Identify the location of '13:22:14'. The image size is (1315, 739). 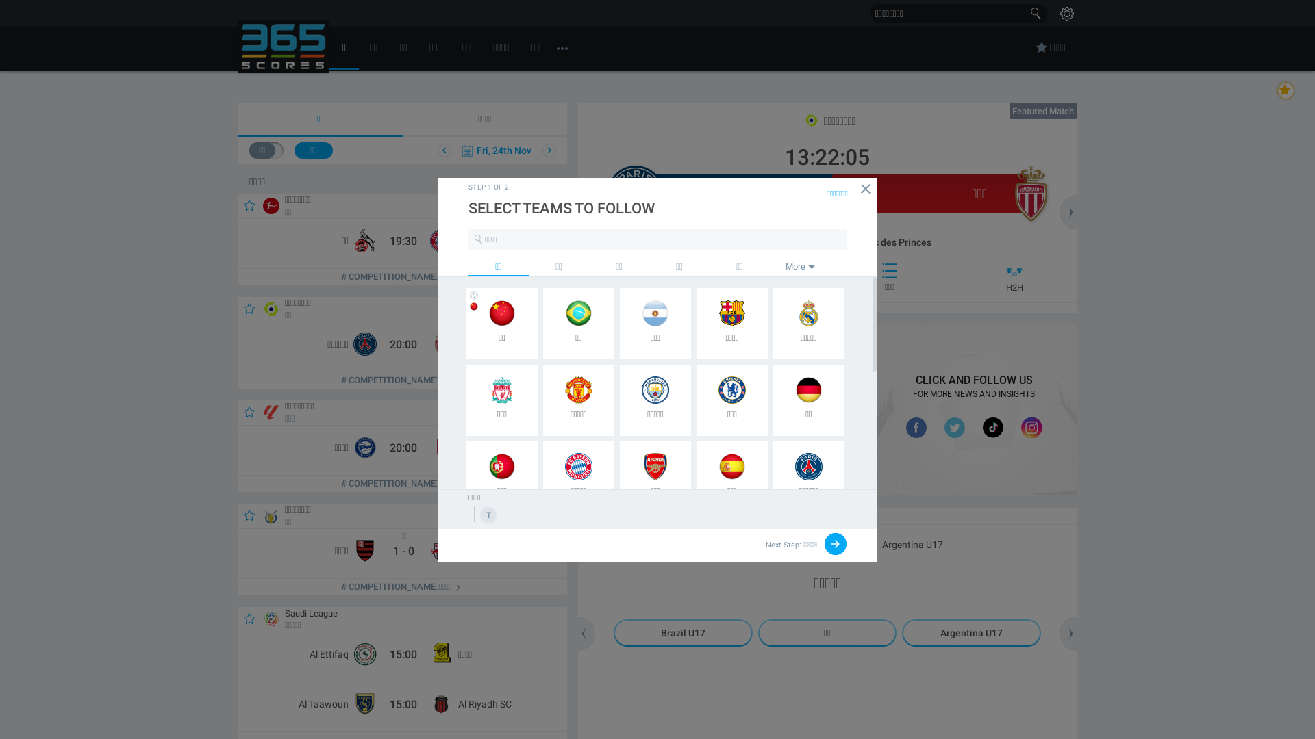
(768, 153).